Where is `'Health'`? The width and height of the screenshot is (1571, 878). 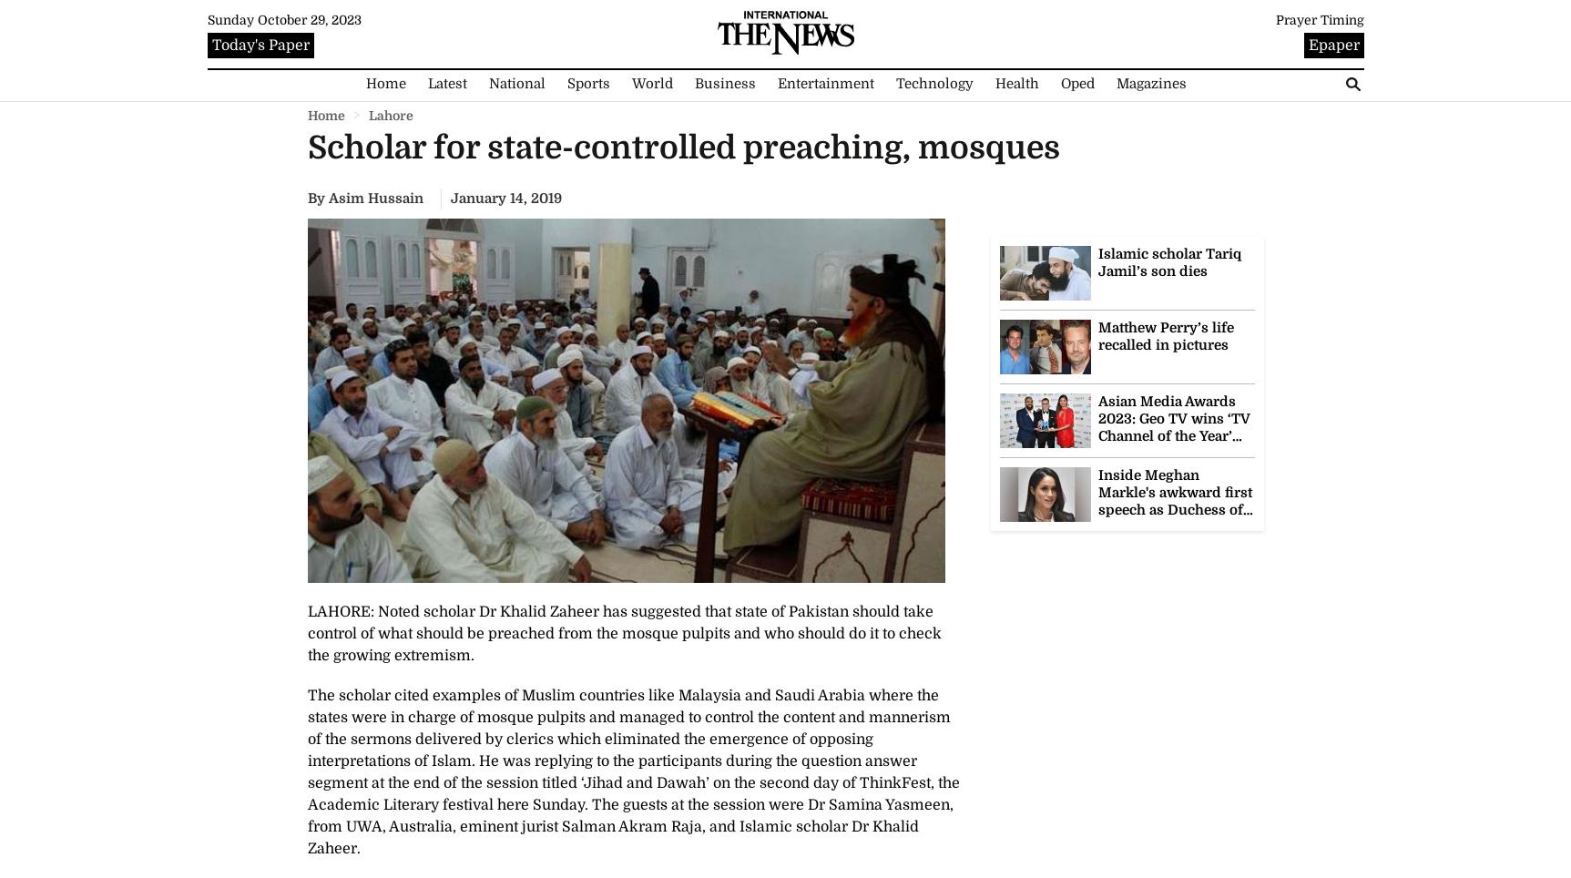
'Health' is located at coordinates (994, 82).